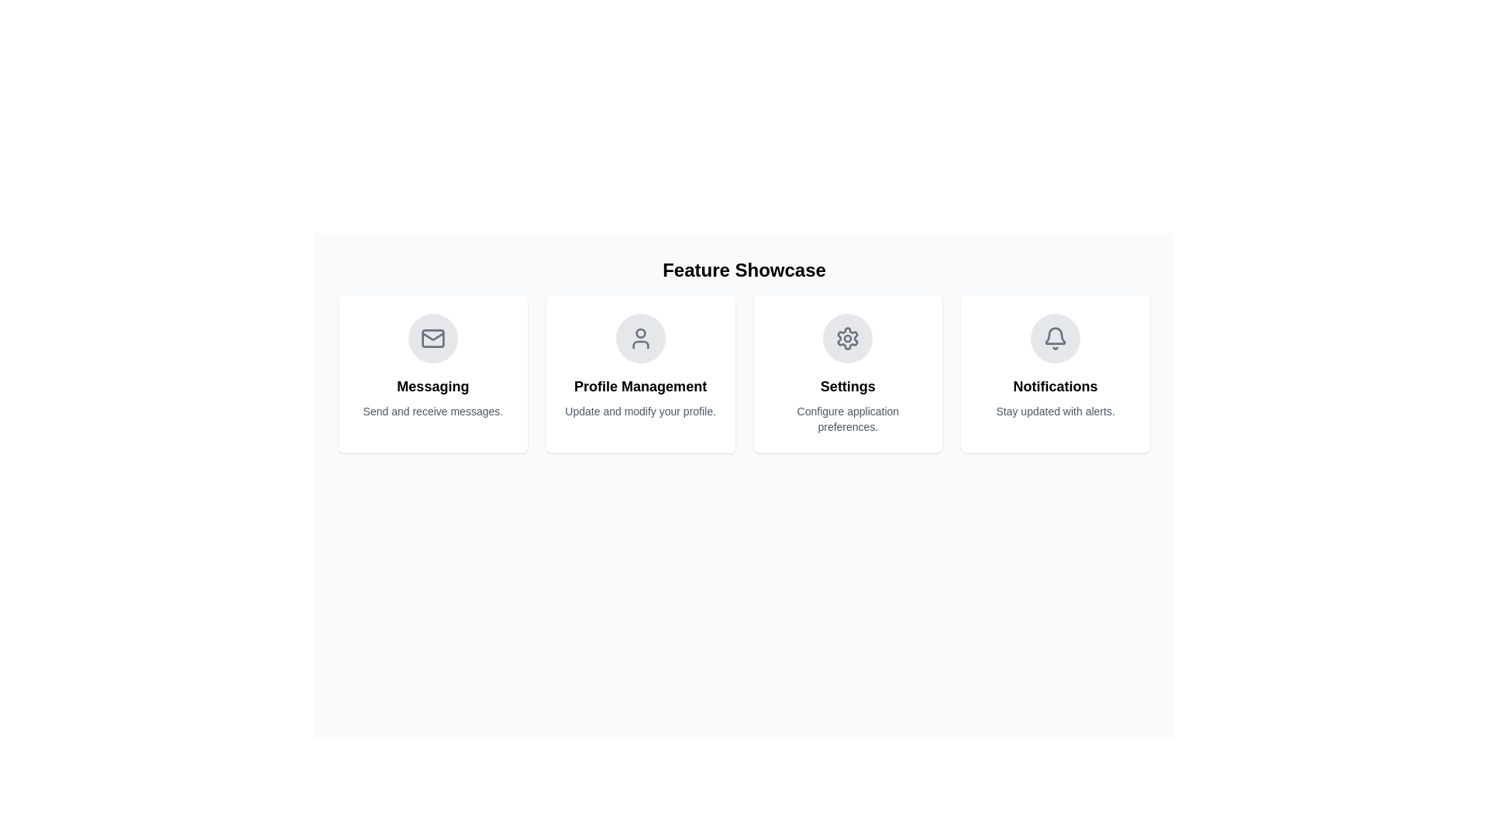  Describe the element at coordinates (640, 385) in the screenshot. I see `the Text Label that identifies the purpose of the card section related to managing user profiles, located in the second column of a row of containers, beneath a circular icon and above a smaller descriptive text` at that location.